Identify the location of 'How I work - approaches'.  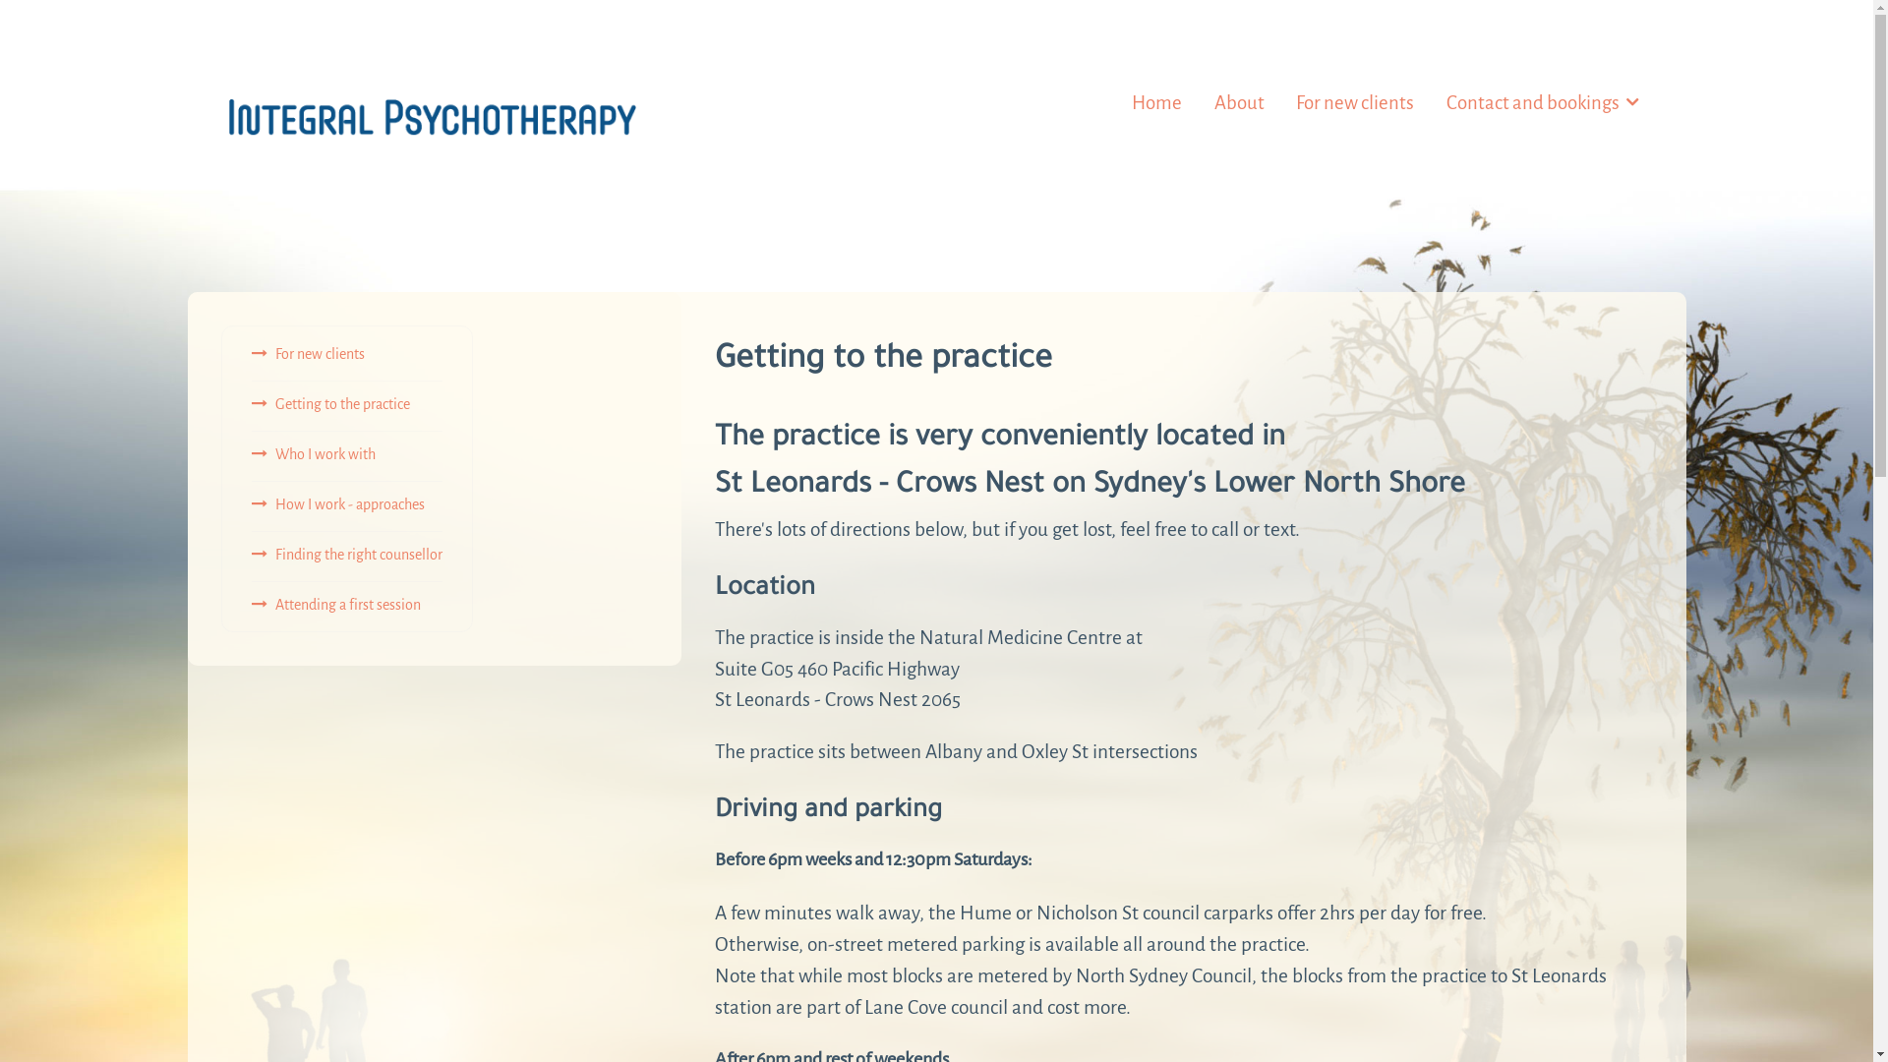
(338, 502).